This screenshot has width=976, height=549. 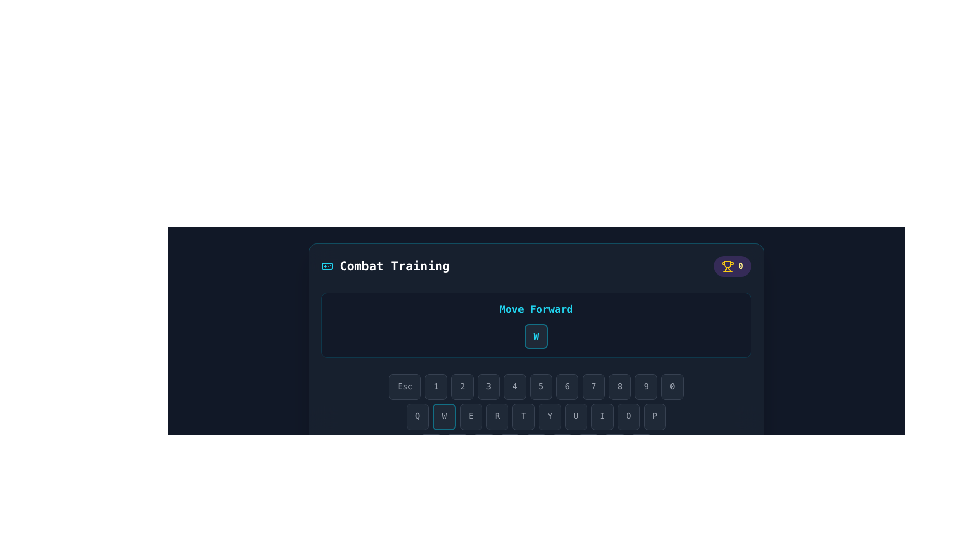 What do you see at coordinates (489, 386) in the screenshot?
I see `the rounded rectangular button labeled '3' to trigger the hover effect` at bounding box center [489, 386].